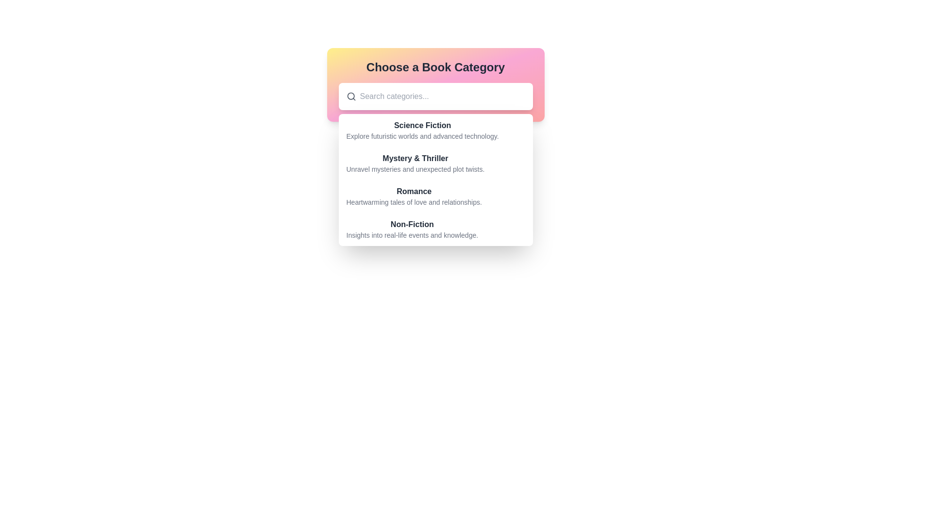  Describe the element at coordinates (435, 130) in the screenshot. I see `the 'Science Fiction' selectable category in the book categories list` at that location.